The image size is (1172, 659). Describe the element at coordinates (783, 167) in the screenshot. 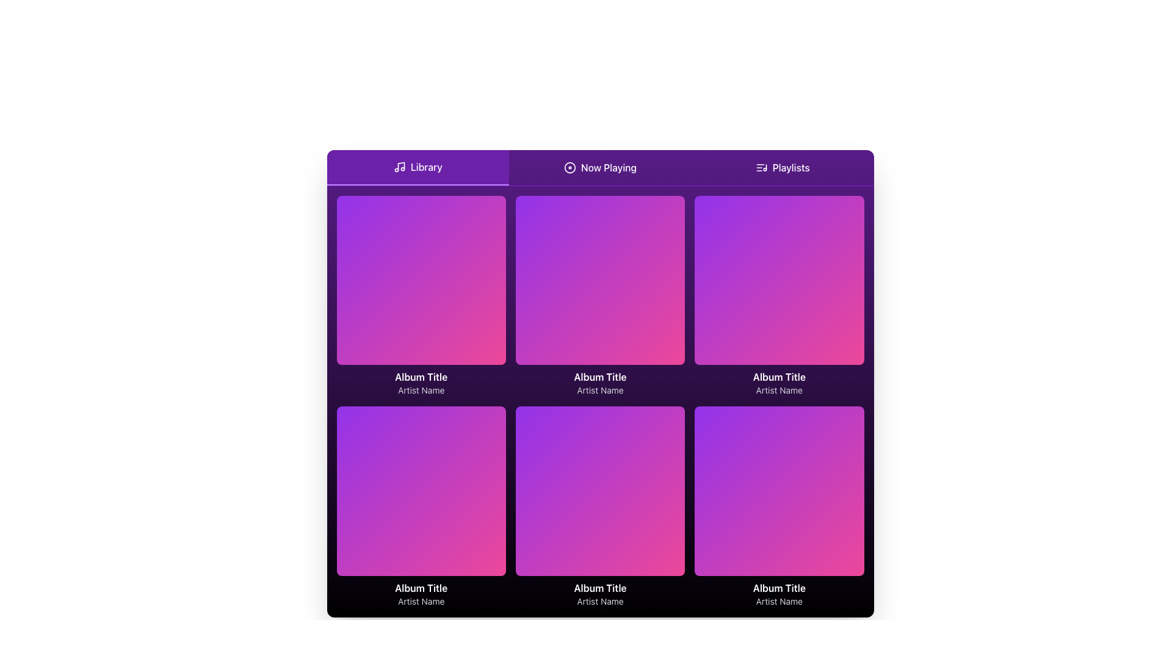

I see `the navigation button located in the horizontal navigation bar at the top of the interface` at that location.